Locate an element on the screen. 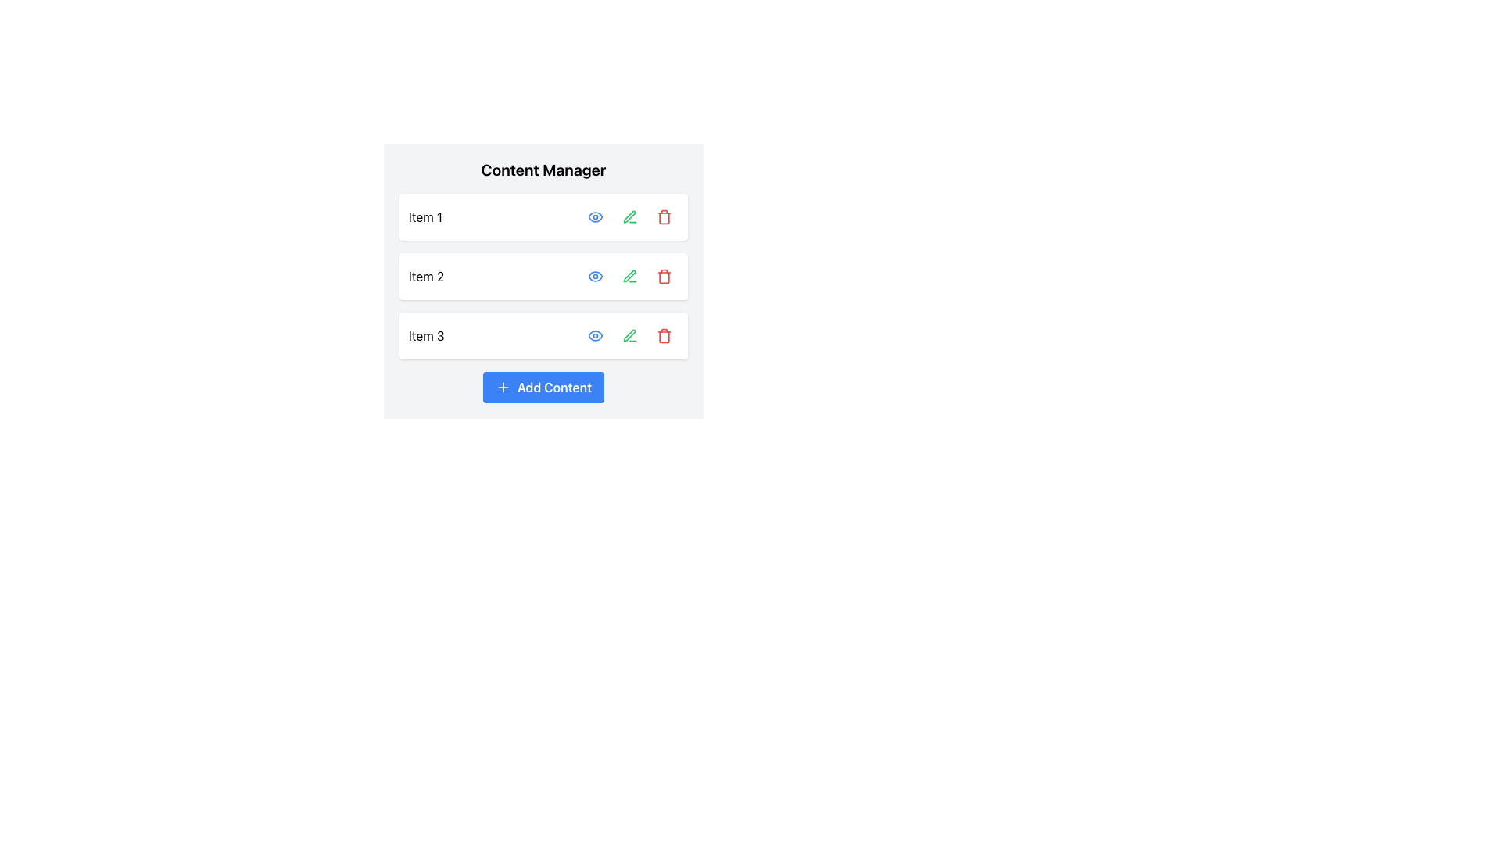 The width and height of the screenshot is (1501, 844). the green pencil-shaped icon button representing an edit command, which is the second button adjacent to the 'Item 1' label in the 'Content Manager' section is located at coordinates (630, 216).